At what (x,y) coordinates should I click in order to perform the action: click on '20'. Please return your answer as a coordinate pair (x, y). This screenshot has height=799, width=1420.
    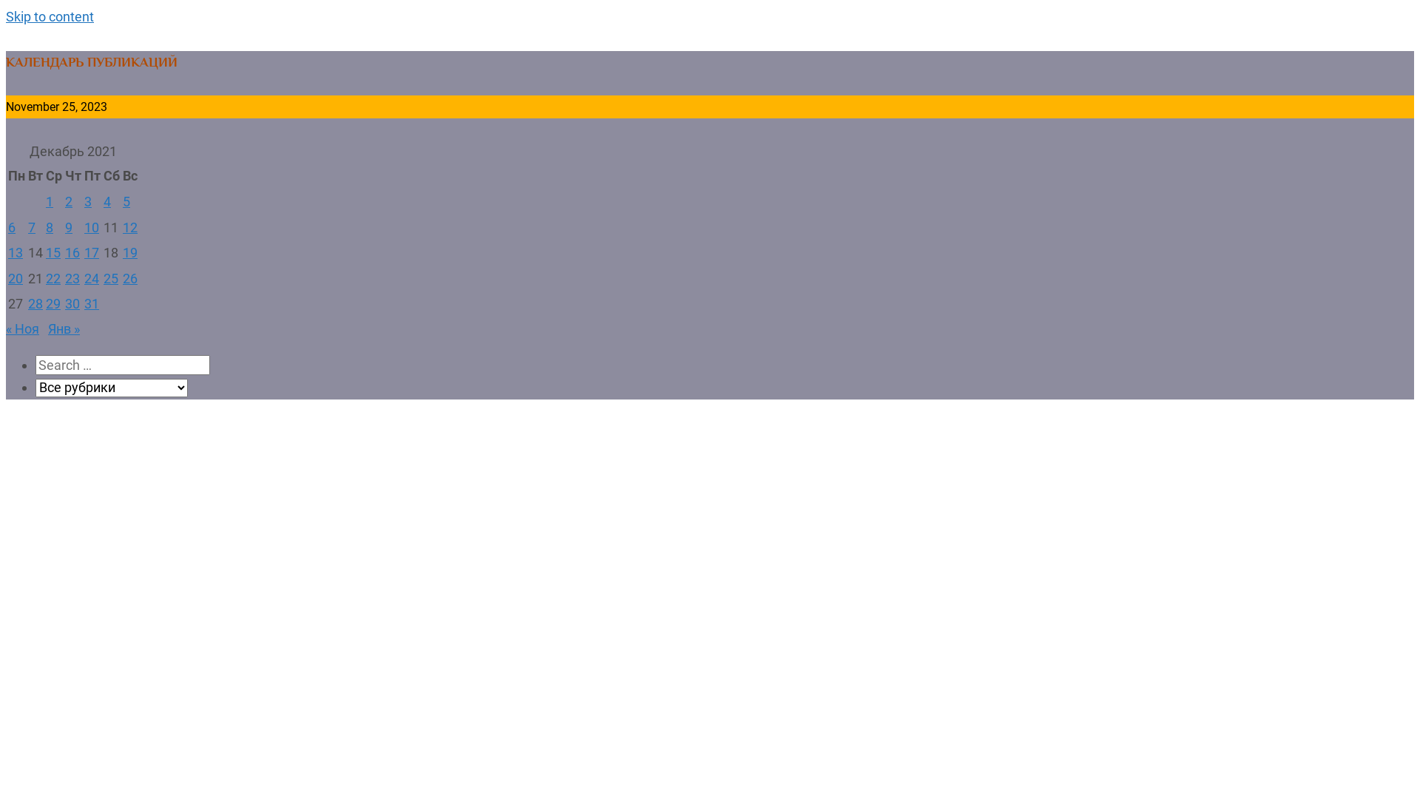
    Looking at the image, I should click on (7, 278).